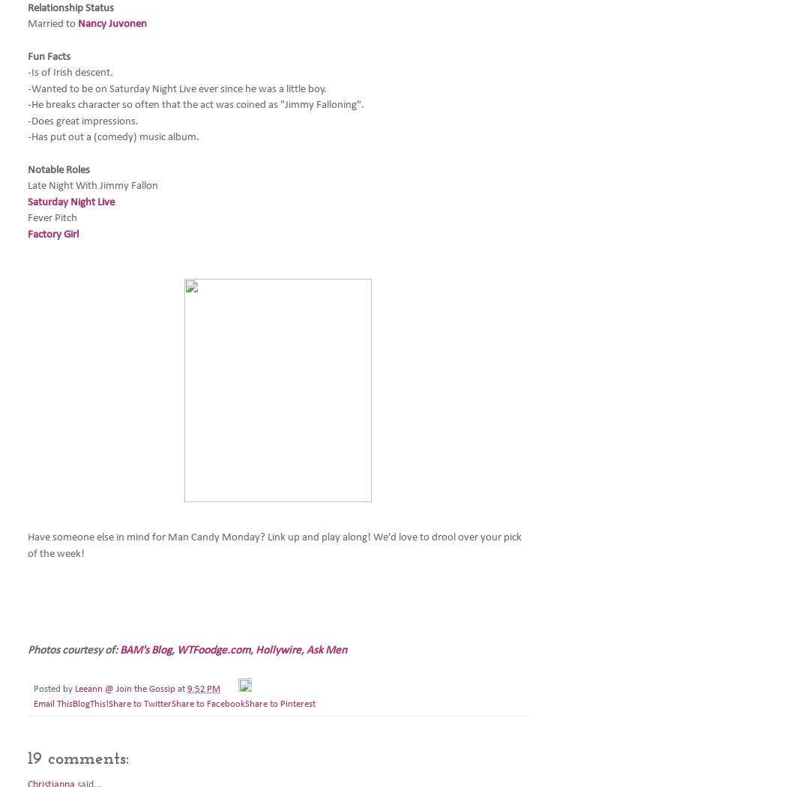  Describe the element at coordinates (70, 201) in the screenshot. I see `'Saturday Night Live'` at that location.